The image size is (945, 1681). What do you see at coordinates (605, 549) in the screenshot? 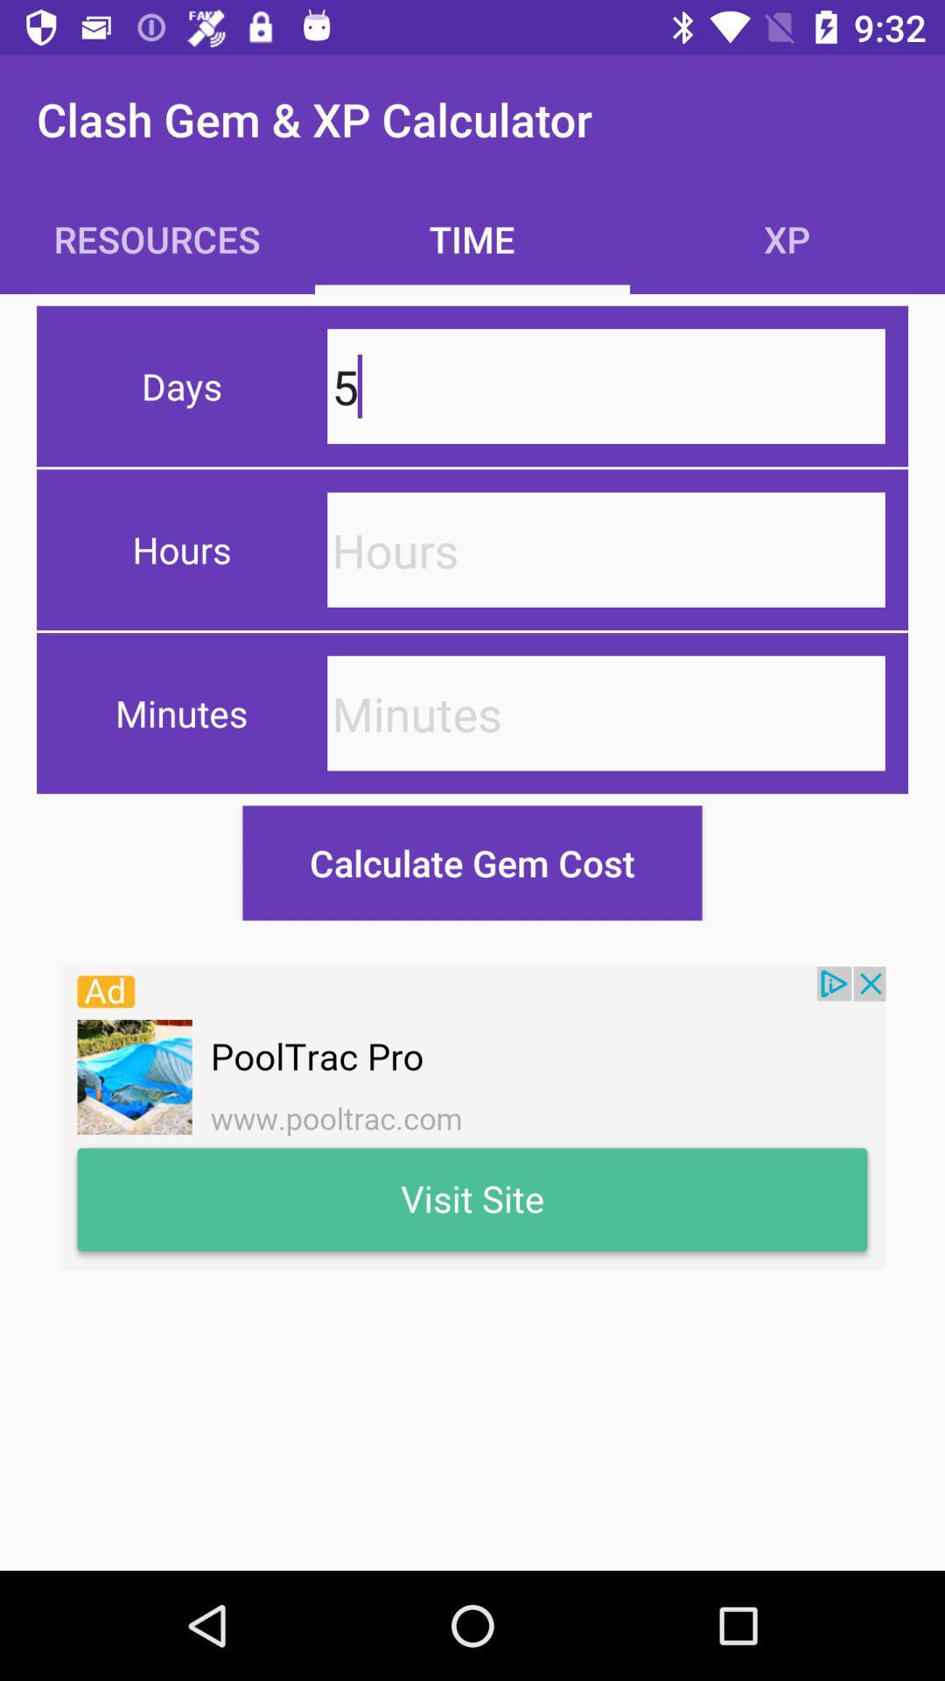
I see `hours` at bounding box center [605, 549].